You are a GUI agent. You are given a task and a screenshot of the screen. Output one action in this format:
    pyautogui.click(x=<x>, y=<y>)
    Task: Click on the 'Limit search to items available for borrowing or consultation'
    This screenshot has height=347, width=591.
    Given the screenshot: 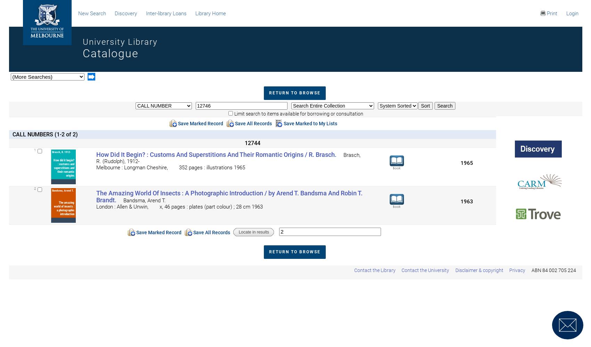 What is the action you would take?
    pyautogui.click(x=298, y=113)
    